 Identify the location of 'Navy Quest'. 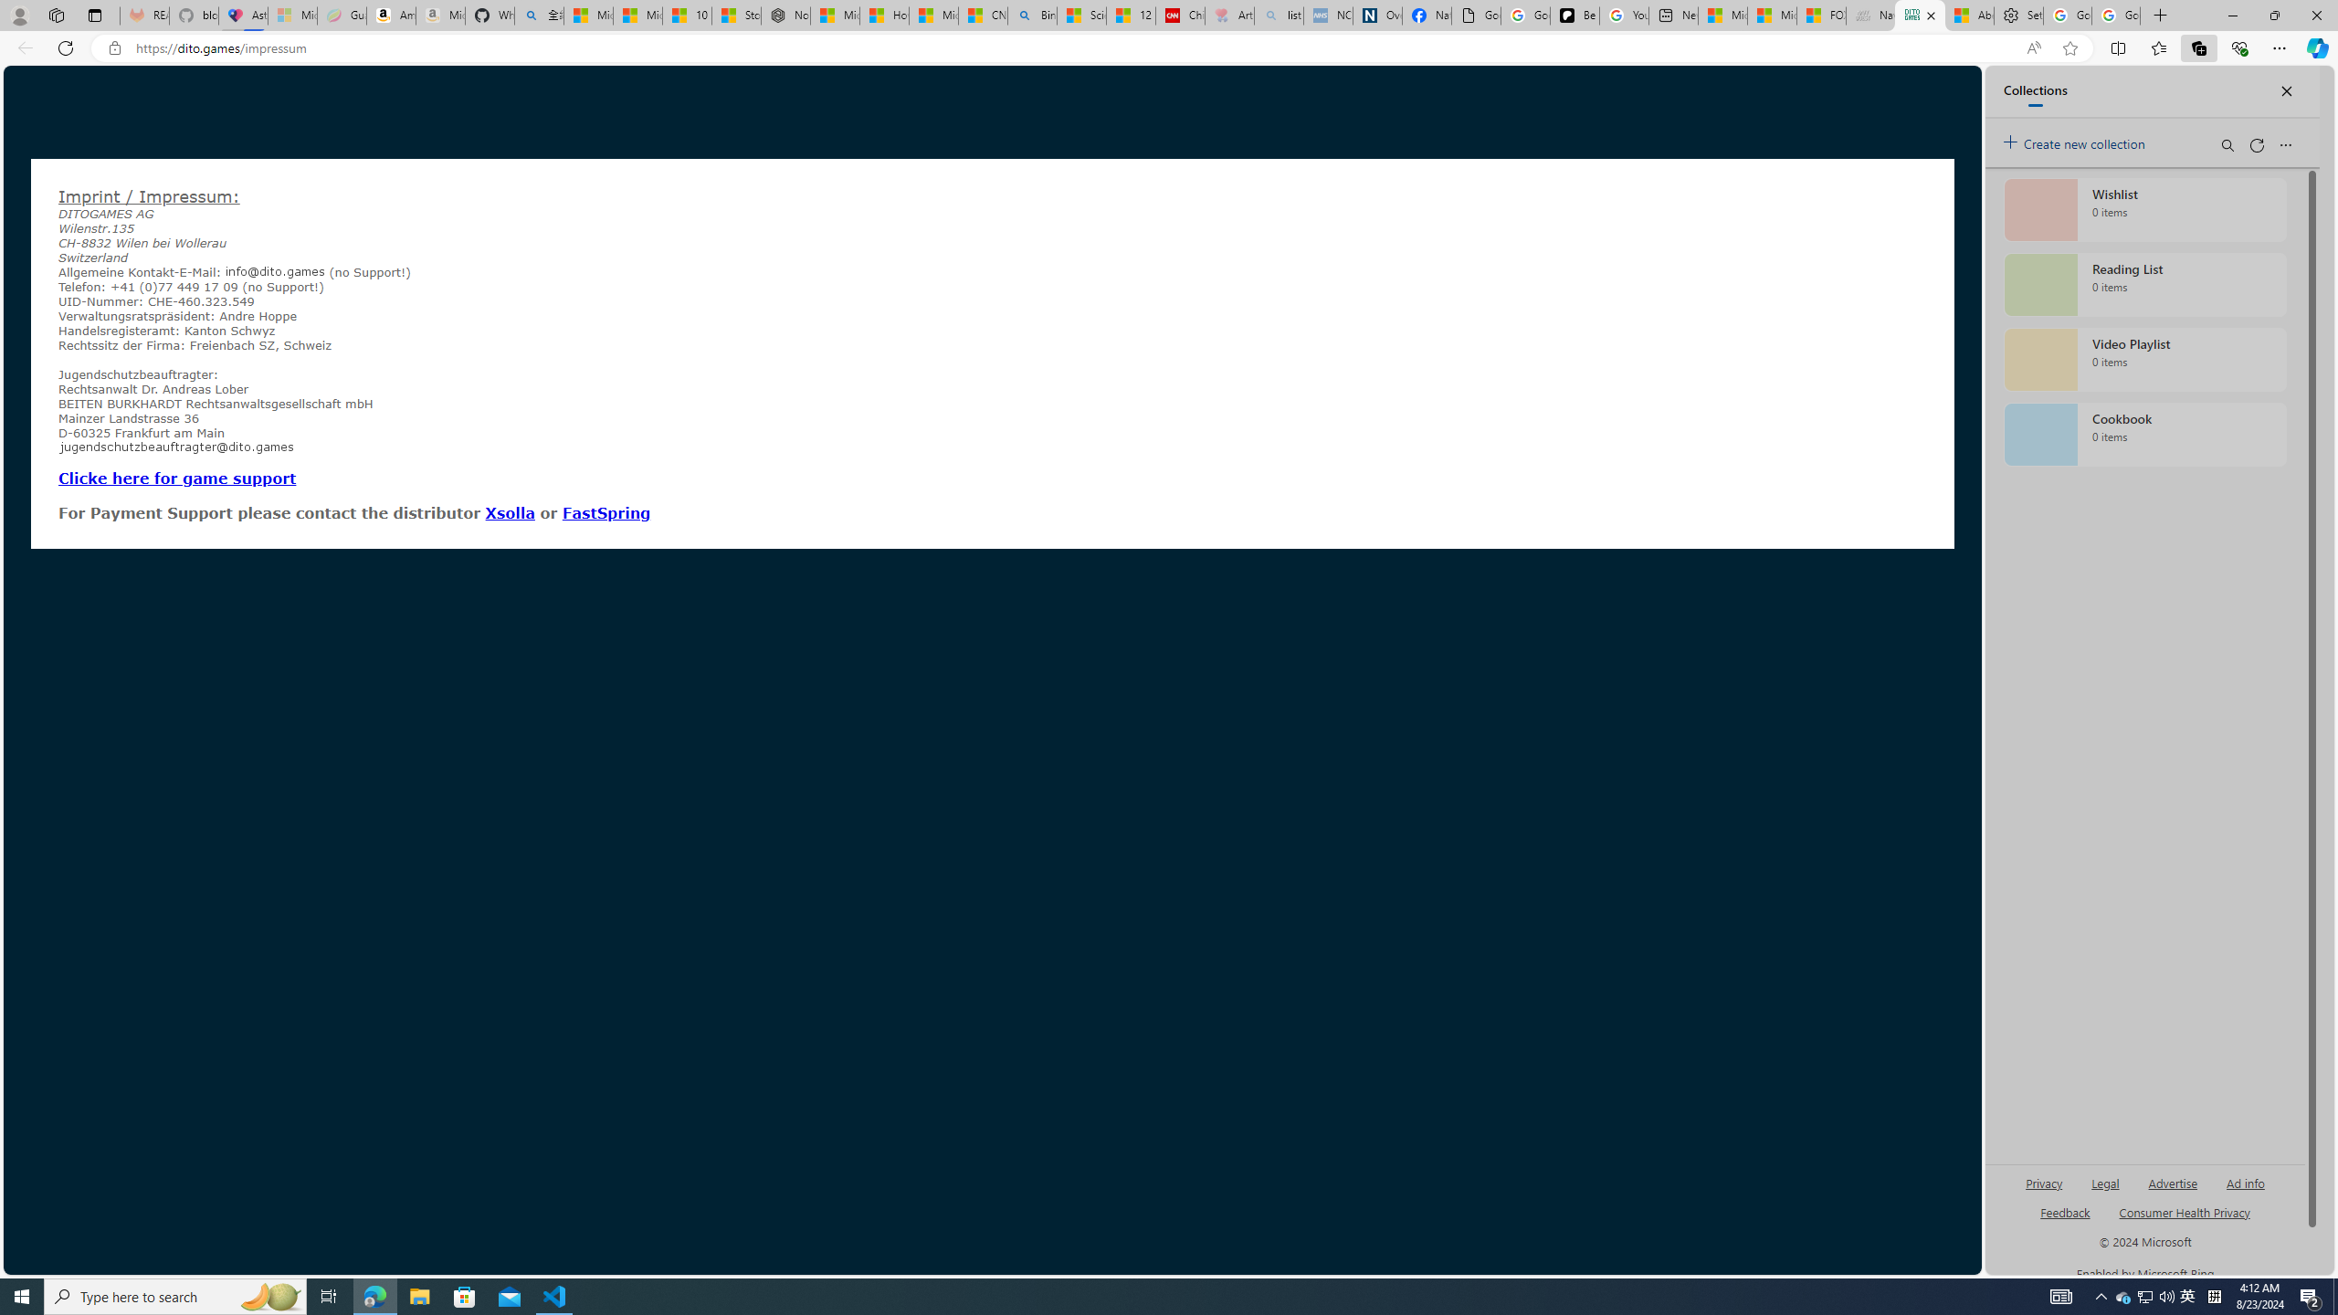
(1869, 15).